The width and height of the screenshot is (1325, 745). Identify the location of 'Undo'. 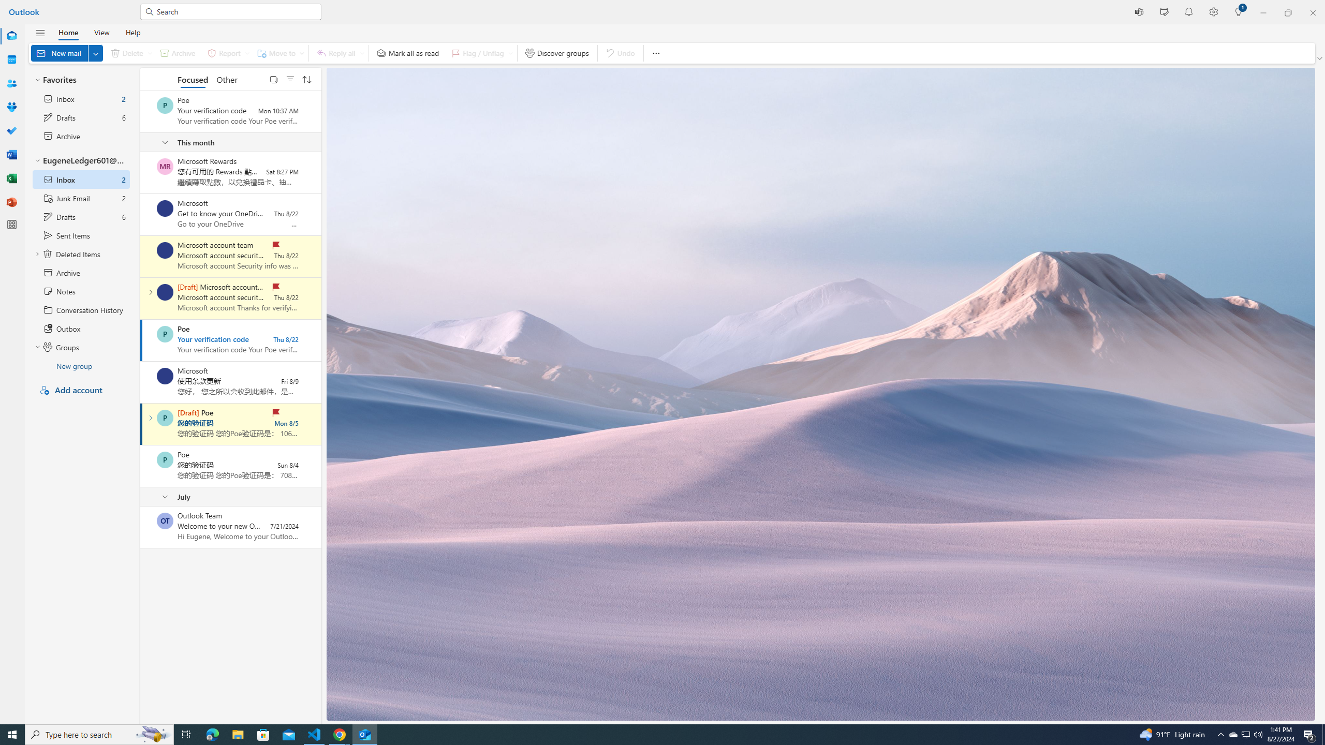
(620, 53).